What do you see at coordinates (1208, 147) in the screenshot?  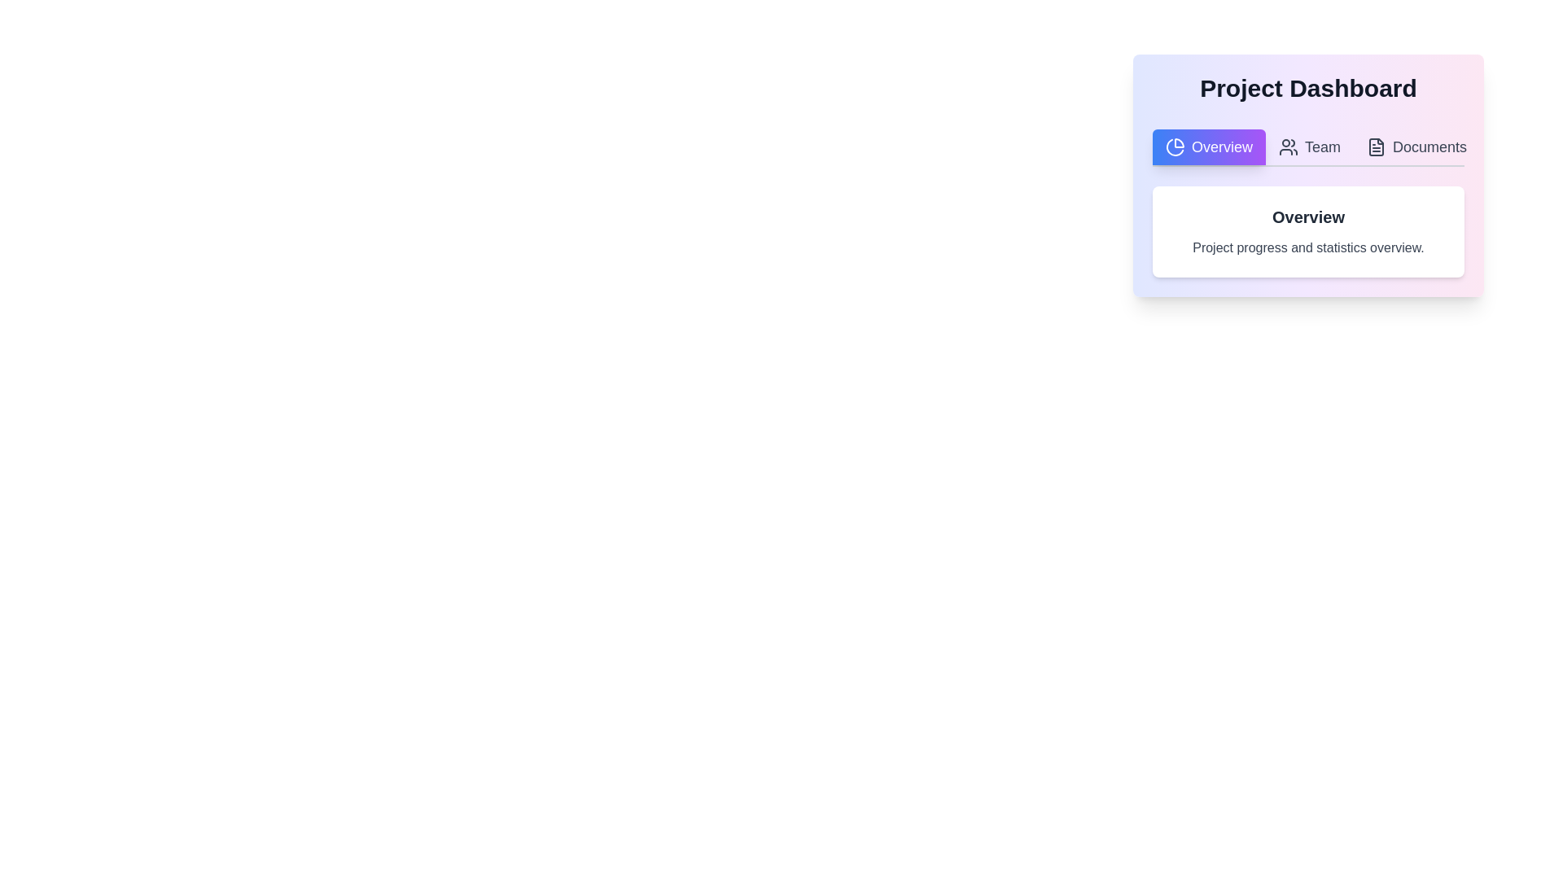 I see `the Overview tab to view its content` at bounding box center [1208, 147].